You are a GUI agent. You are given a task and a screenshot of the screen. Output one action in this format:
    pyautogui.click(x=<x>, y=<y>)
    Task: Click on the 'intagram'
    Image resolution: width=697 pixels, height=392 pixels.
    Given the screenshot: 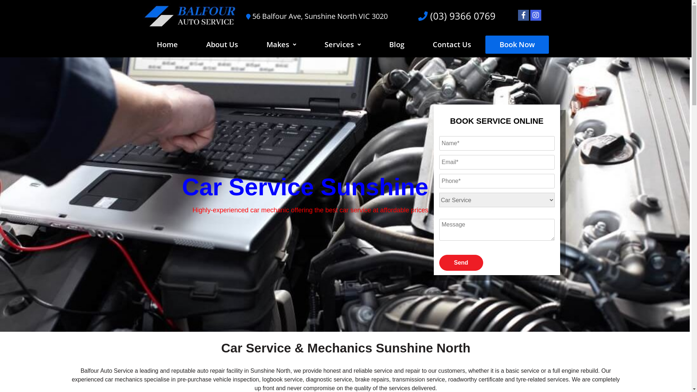 What is the action you would take?
    pyautogui.click(x=536, y=15)
    